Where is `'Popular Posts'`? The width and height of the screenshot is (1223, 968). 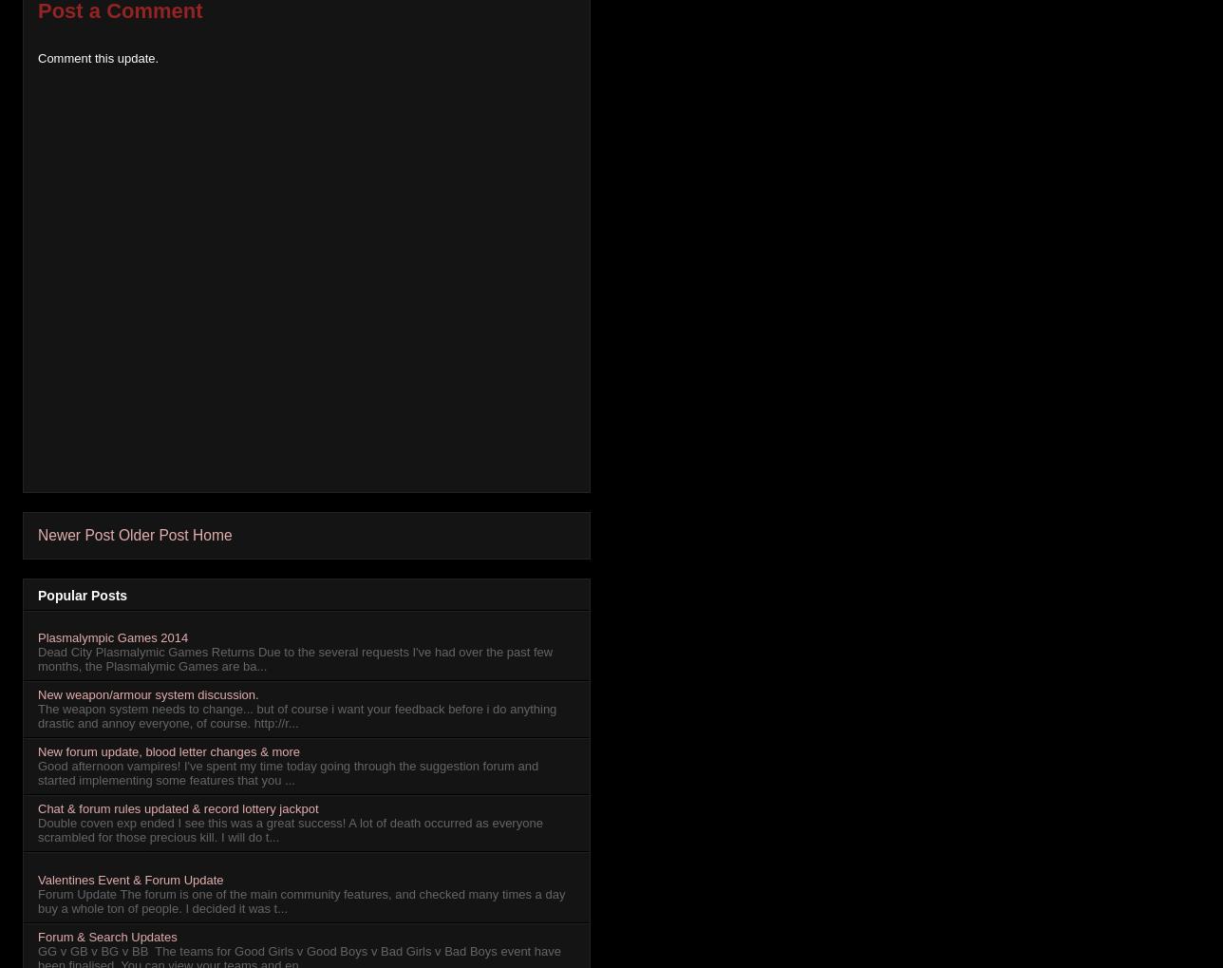 'Popular Posts' is located at coordinates (82, 594).